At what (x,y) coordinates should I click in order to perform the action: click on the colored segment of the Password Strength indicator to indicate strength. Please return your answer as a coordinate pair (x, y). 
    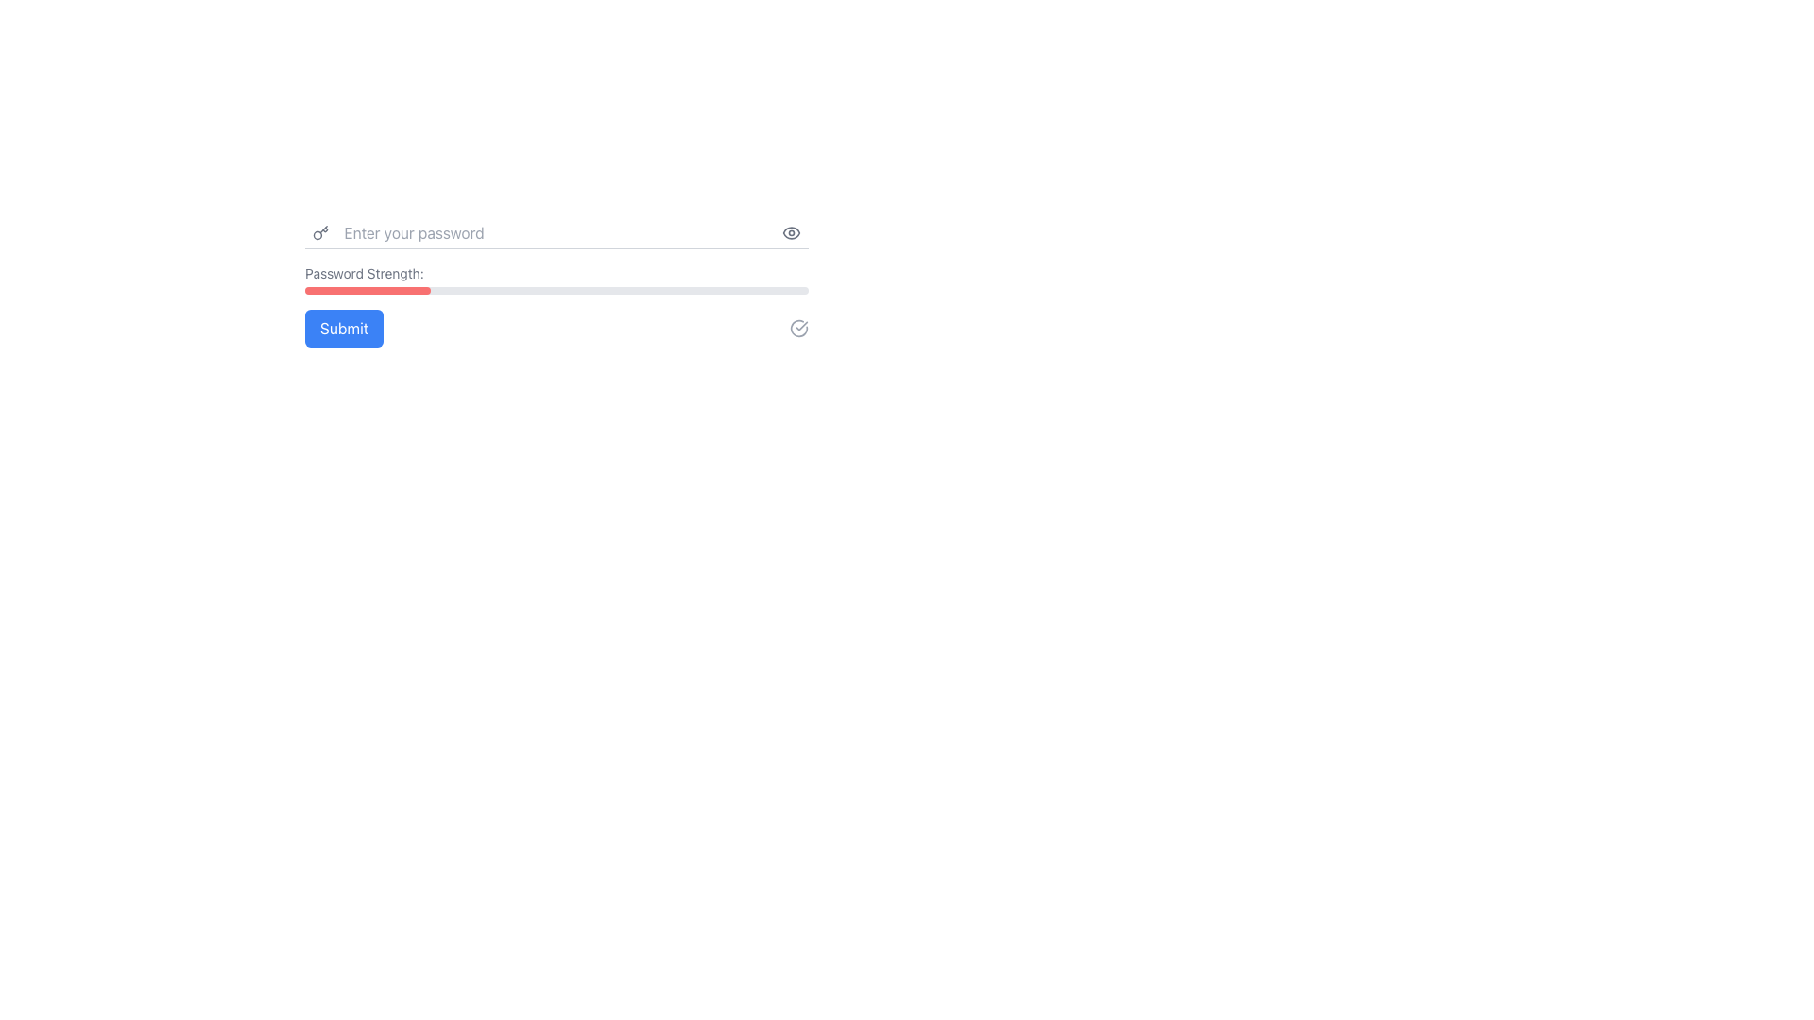
    Looking at the image, I should click on (556, 280).